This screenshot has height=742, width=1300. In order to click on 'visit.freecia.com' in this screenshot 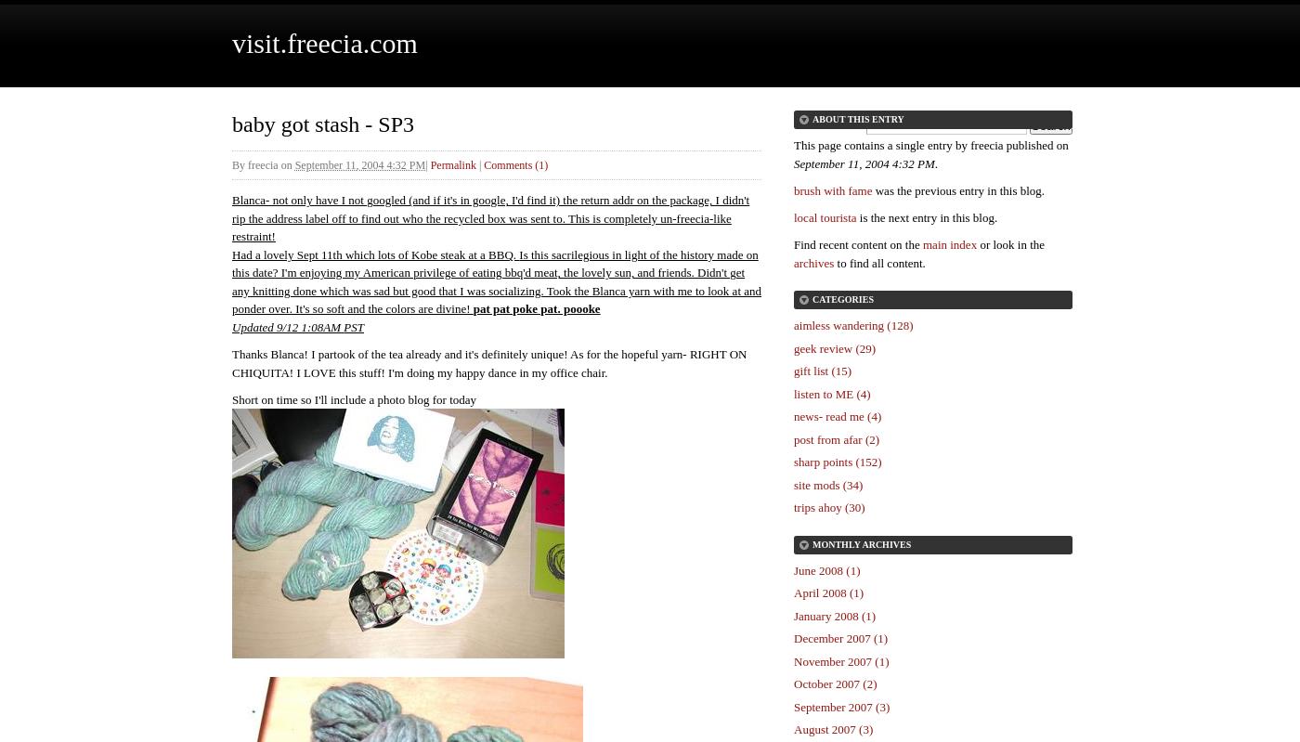, I will do `click(324, 42)`.